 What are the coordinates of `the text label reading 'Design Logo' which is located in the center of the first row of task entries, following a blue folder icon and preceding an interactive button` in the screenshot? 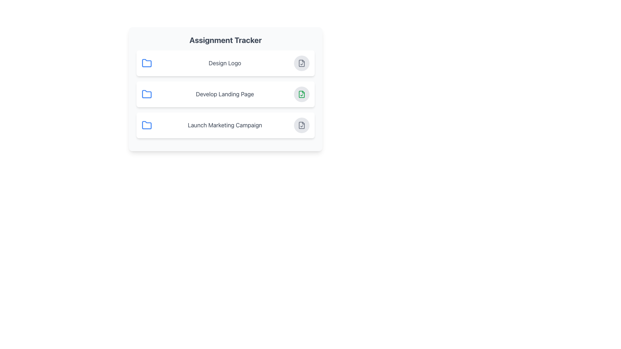 It's located at (225, 63).